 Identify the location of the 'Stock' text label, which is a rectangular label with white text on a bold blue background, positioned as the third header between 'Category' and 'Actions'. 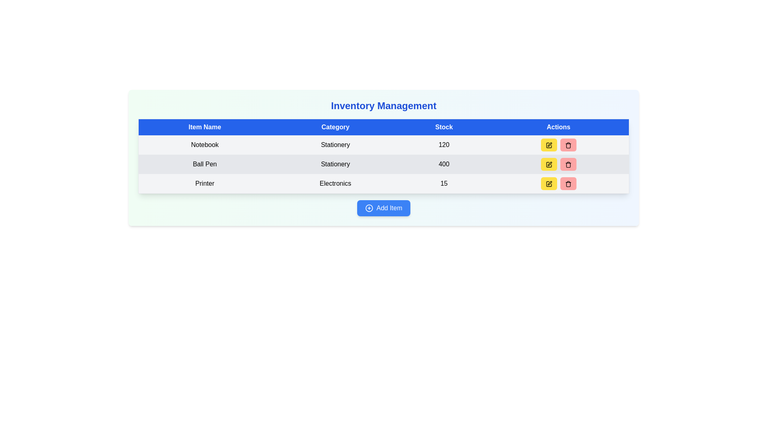
(443, 127).